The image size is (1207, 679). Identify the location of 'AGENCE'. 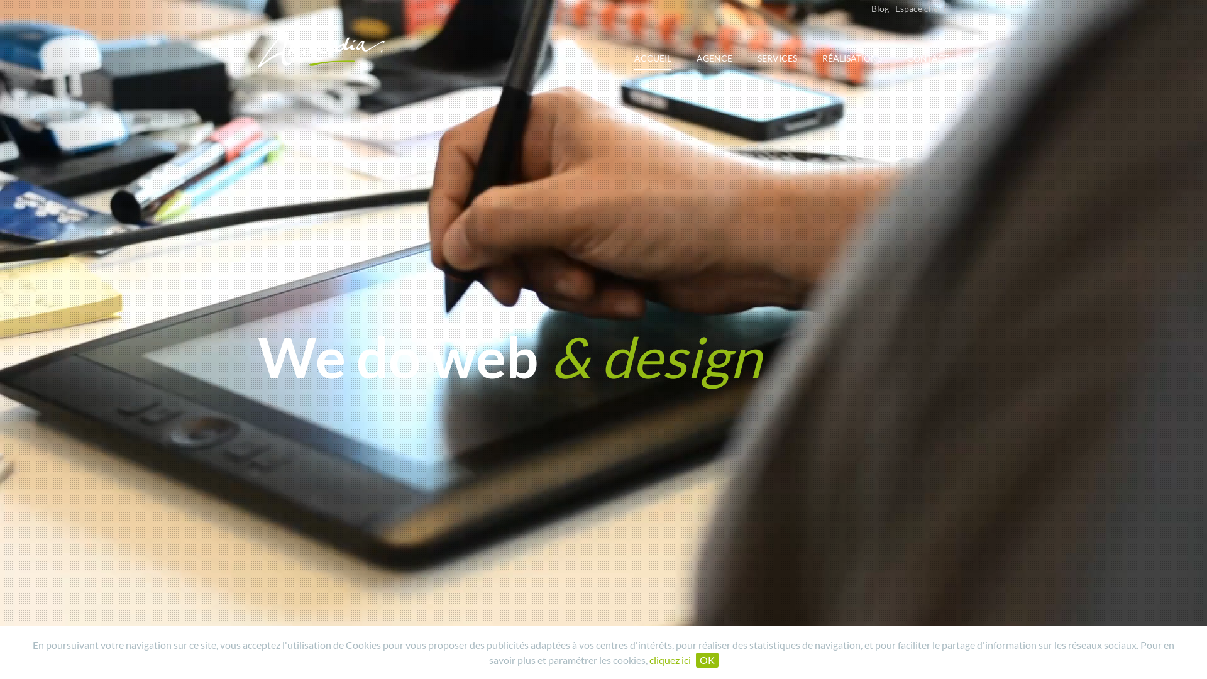
(714, 65).